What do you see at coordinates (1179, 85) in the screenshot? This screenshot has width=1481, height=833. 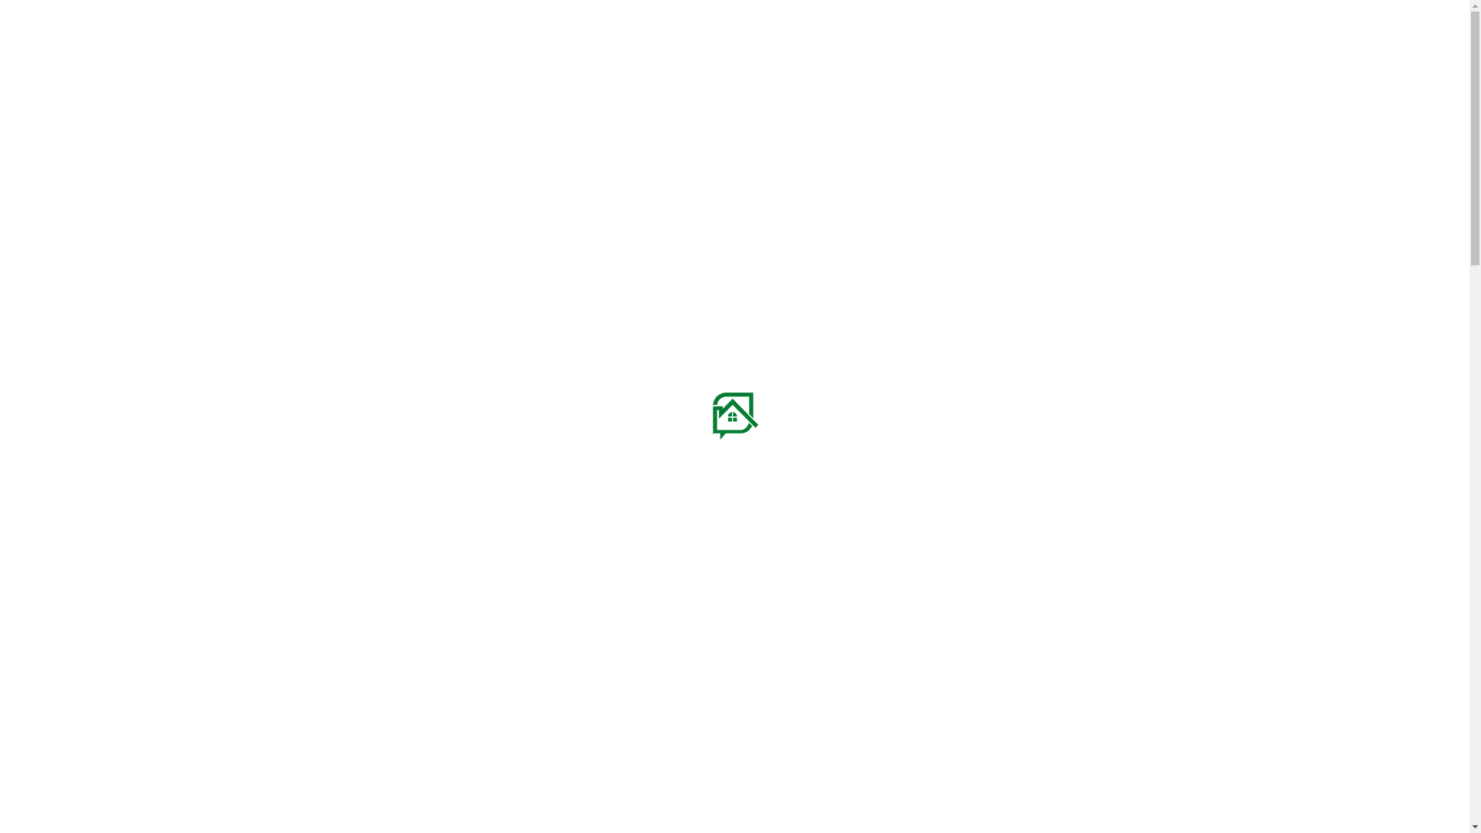 I see `'search'` at bounding box center [1179, 85].